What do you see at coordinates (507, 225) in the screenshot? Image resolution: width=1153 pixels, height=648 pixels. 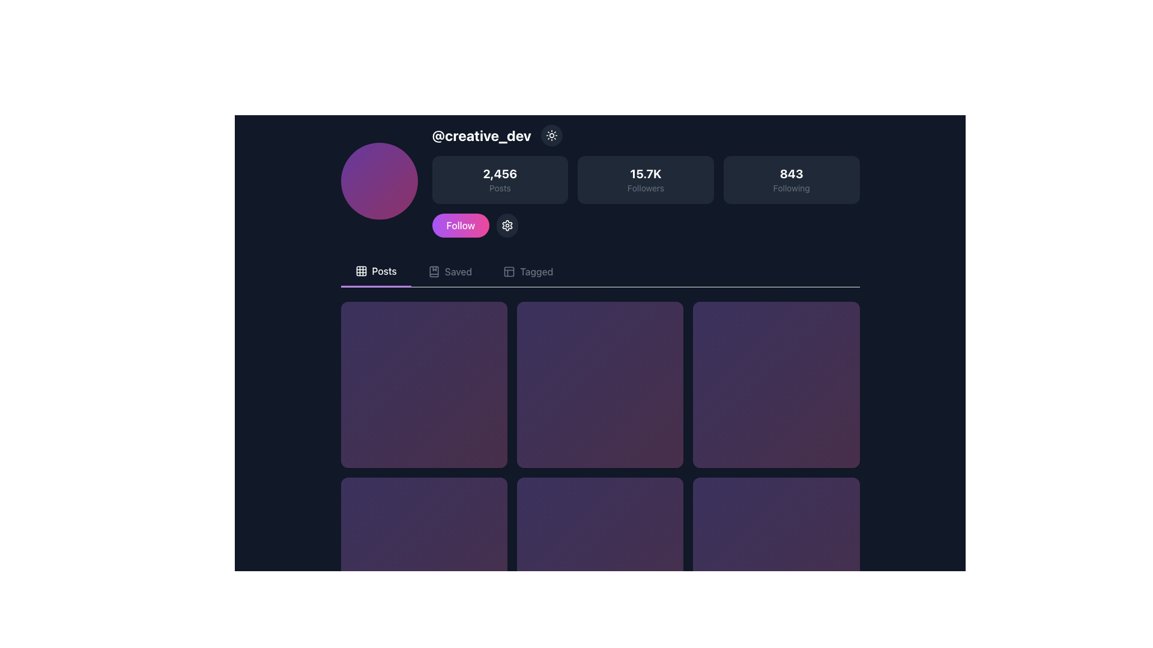 I see `the settings icon located near the upper section of the page, adjacent to the username '@creative_dev'` at bounding box center [507, 225].